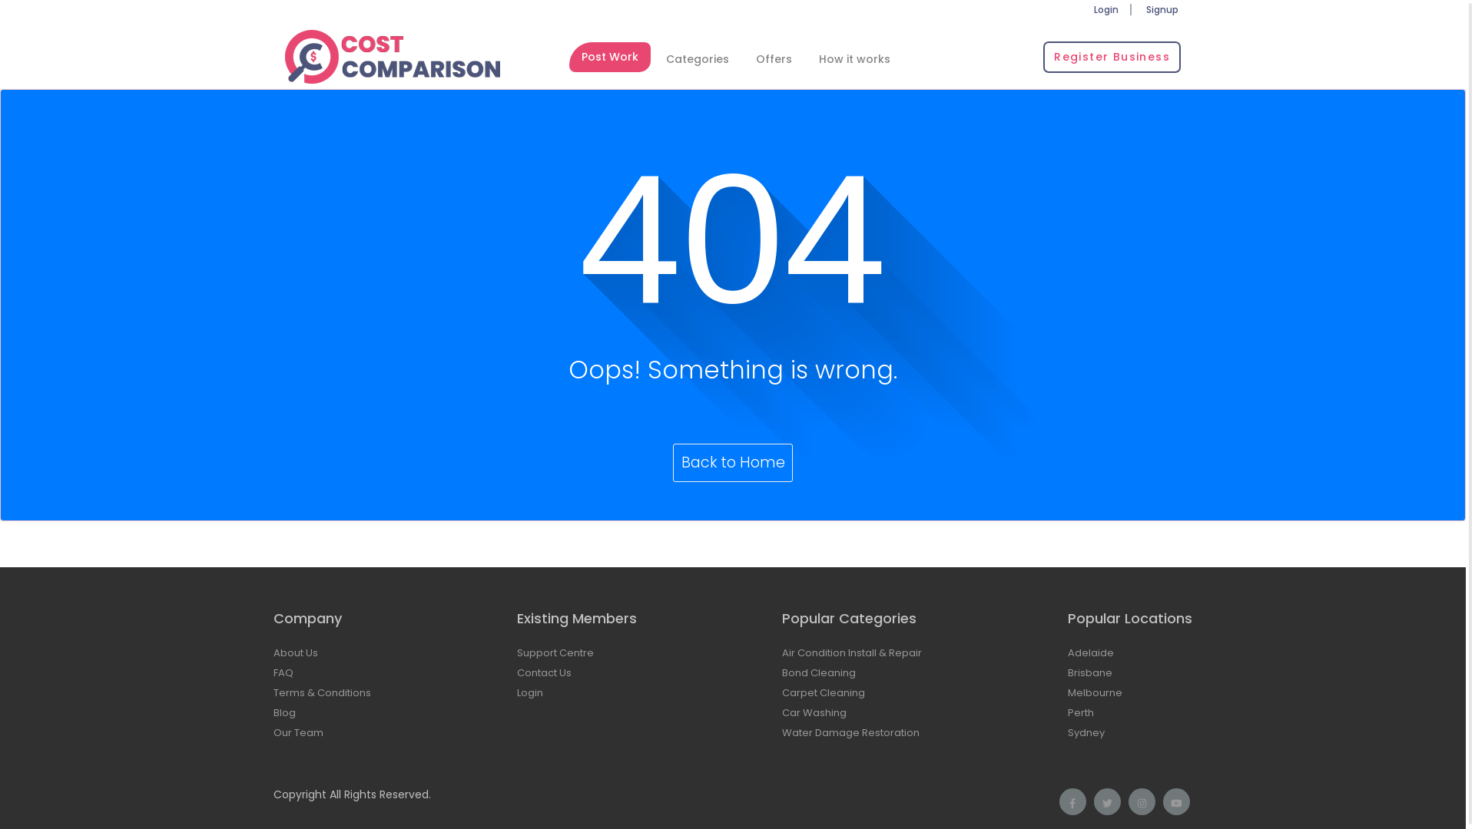  I want to click on 'Support Centre', so click(555, 652).